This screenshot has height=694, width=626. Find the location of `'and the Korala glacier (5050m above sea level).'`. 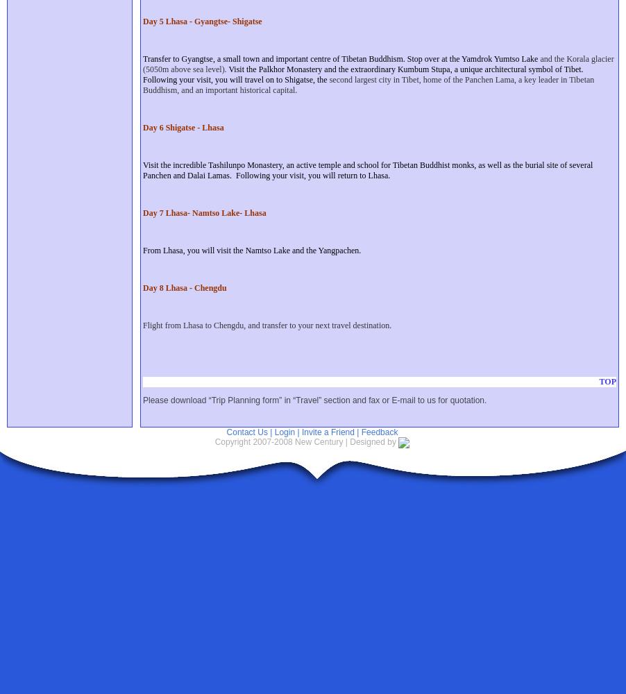

'and the Korala glacier (5050m above sea level).' is located at coordinates (378, 63).